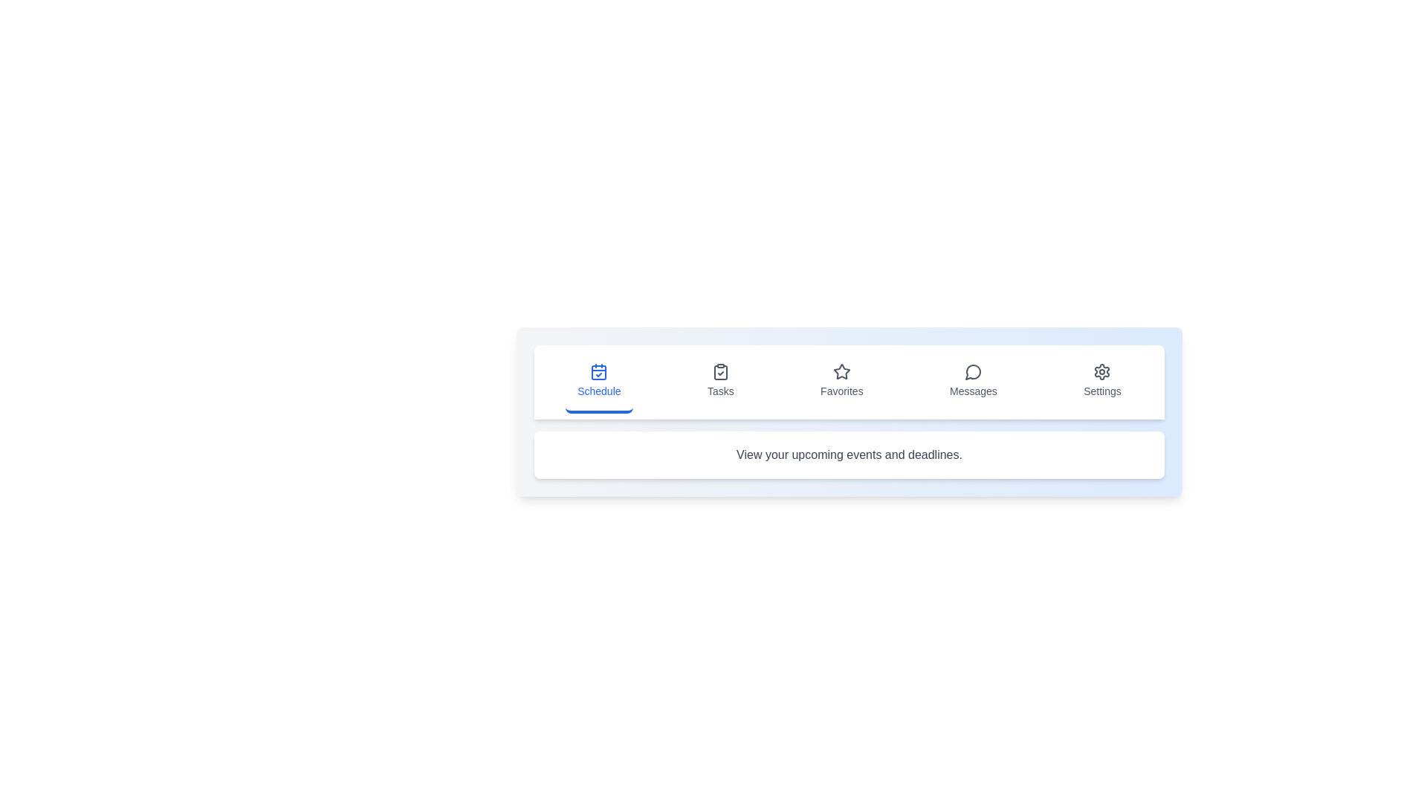 This screenshot has width=1427, height=802. Describe the element at coordinates (841, 382) in the screenshot. I see `the tab labeled Favorites` at that location.